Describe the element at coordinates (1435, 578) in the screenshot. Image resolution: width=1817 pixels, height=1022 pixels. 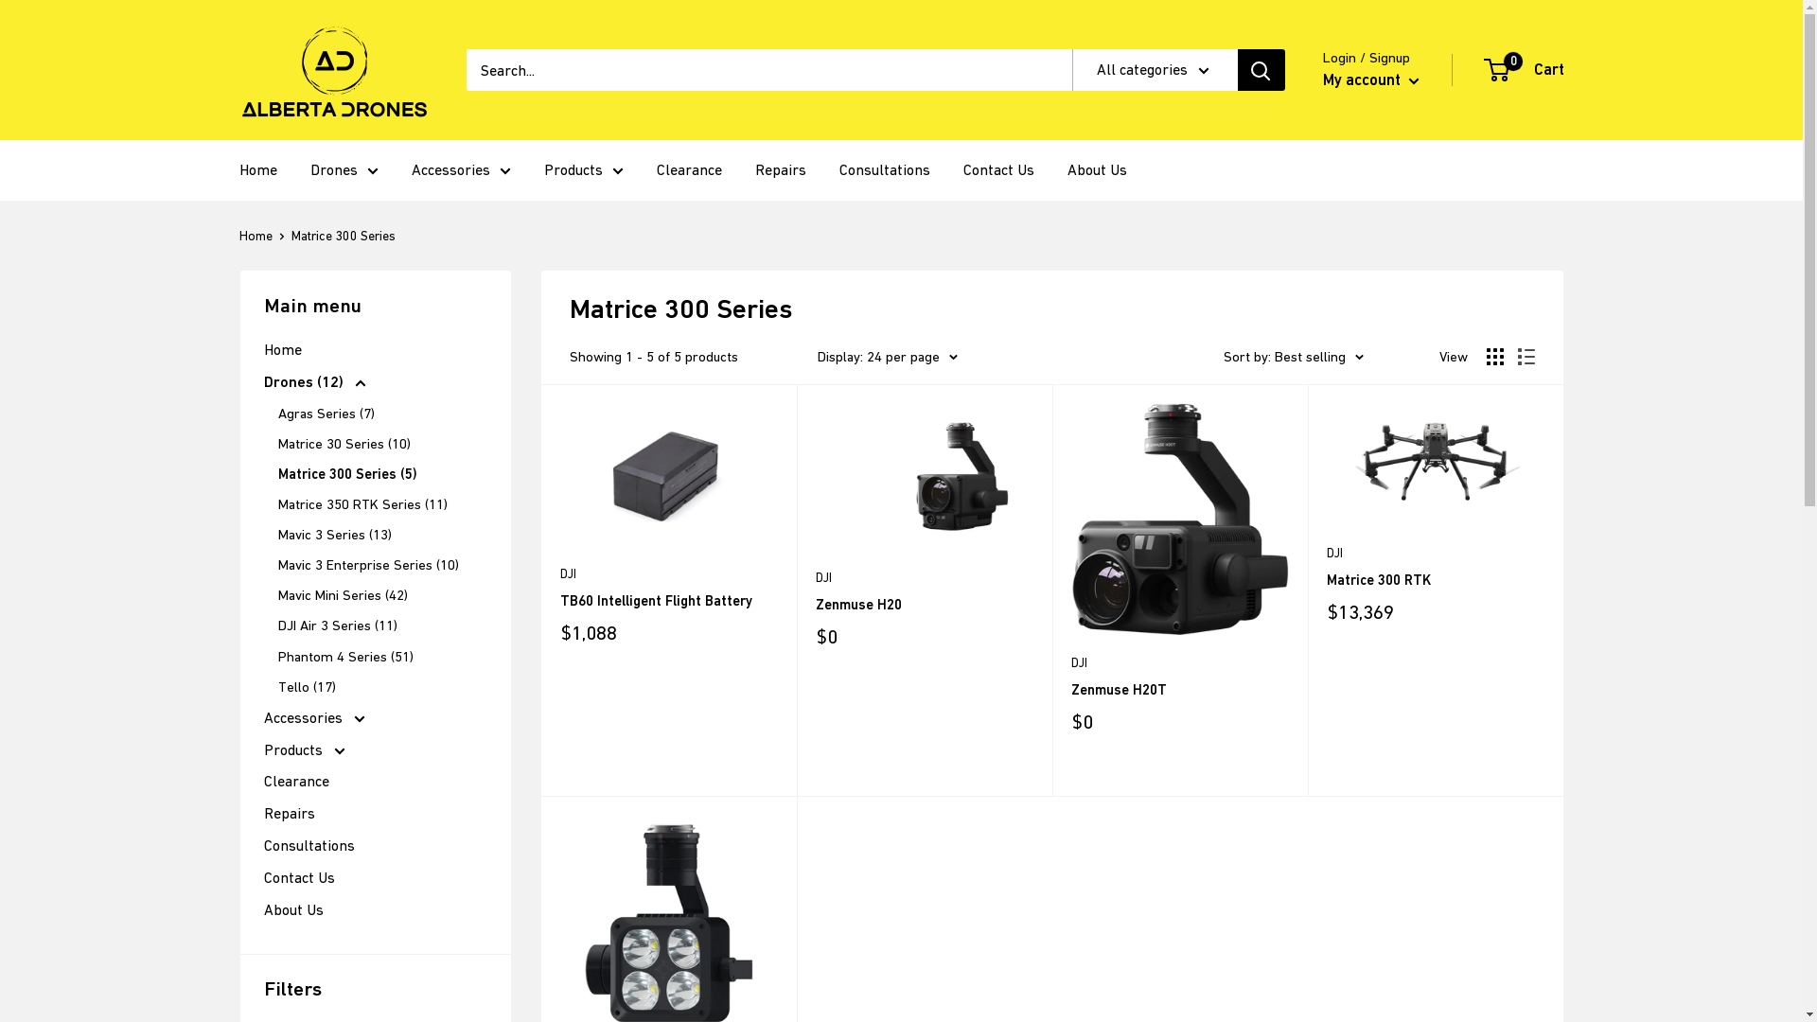
I see `'Matrice 300 RTK'` at that location.